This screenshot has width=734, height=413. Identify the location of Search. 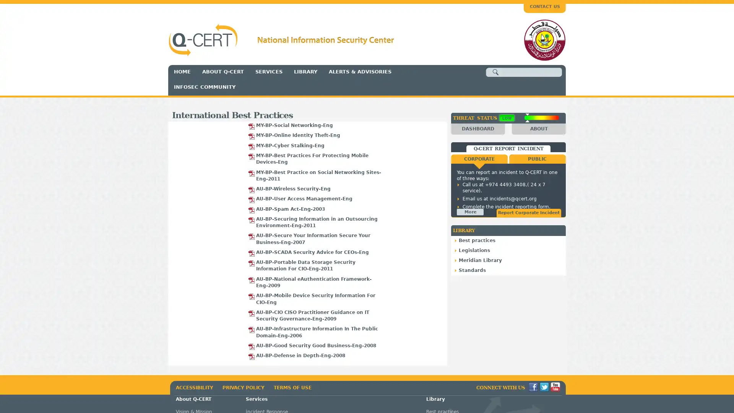
(495, 72).